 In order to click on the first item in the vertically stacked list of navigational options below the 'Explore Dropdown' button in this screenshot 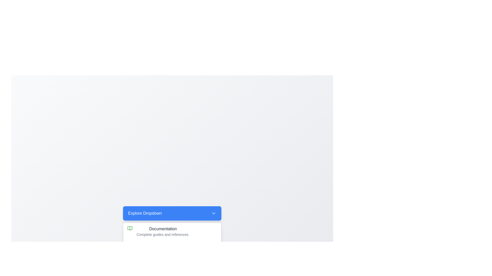, I will do `click(172, 232)`.